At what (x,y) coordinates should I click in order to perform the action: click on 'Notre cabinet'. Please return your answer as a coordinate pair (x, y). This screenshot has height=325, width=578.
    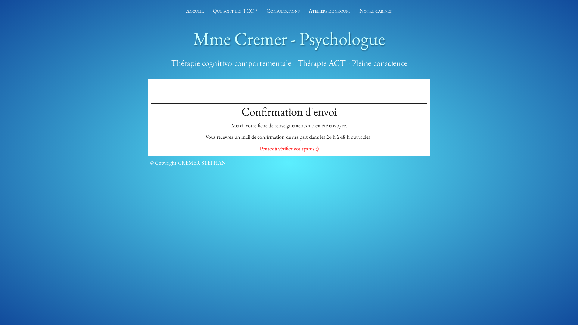
    Looking at the image, I should click on (375, 11).